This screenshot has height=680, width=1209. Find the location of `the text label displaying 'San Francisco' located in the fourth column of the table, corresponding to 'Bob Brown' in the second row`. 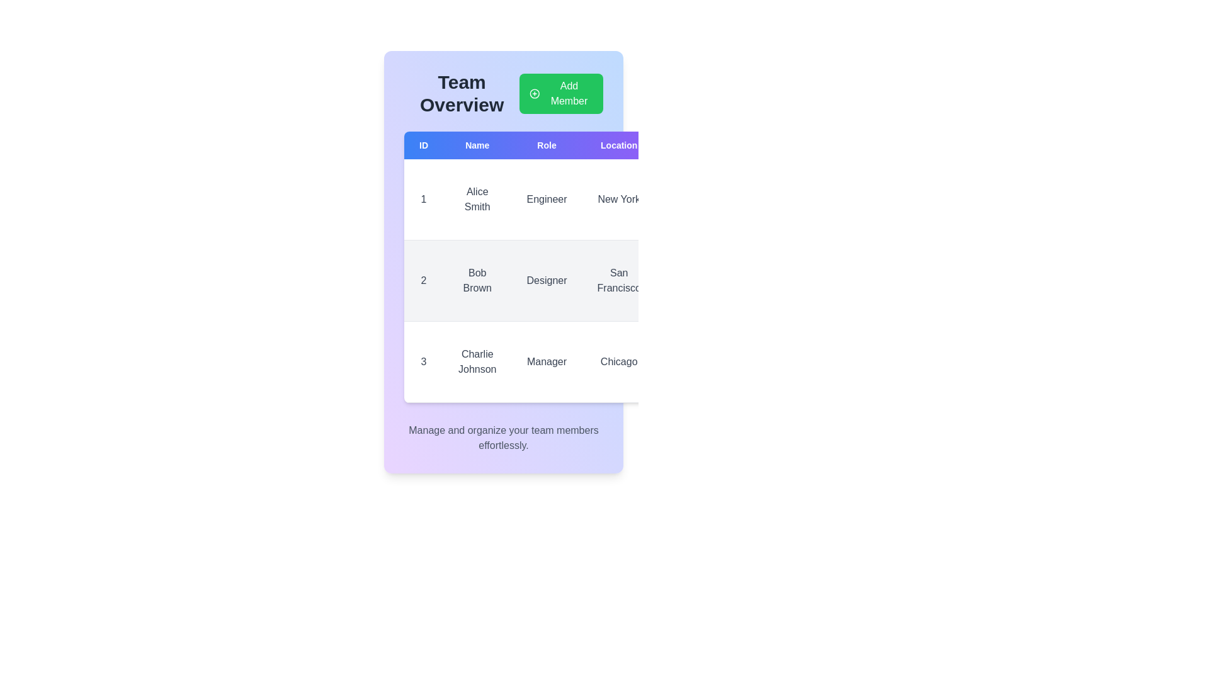

the text label displaying 'San Francisco' located in the fourth column of the table, corresponding to 'Bob Brown' in the second row is located at coordinates (619, 280).